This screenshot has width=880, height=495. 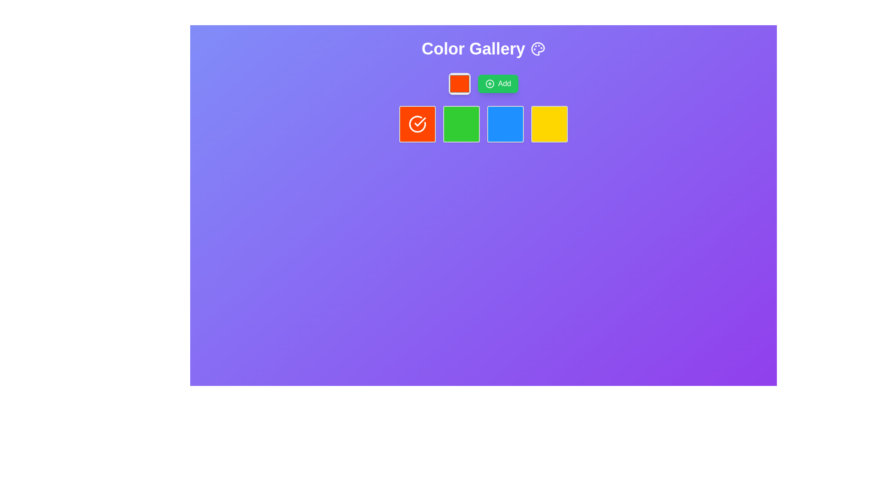 I want to click on the white circular checkmark icon embedded in a red rounded square, so click(x=417, y=124).